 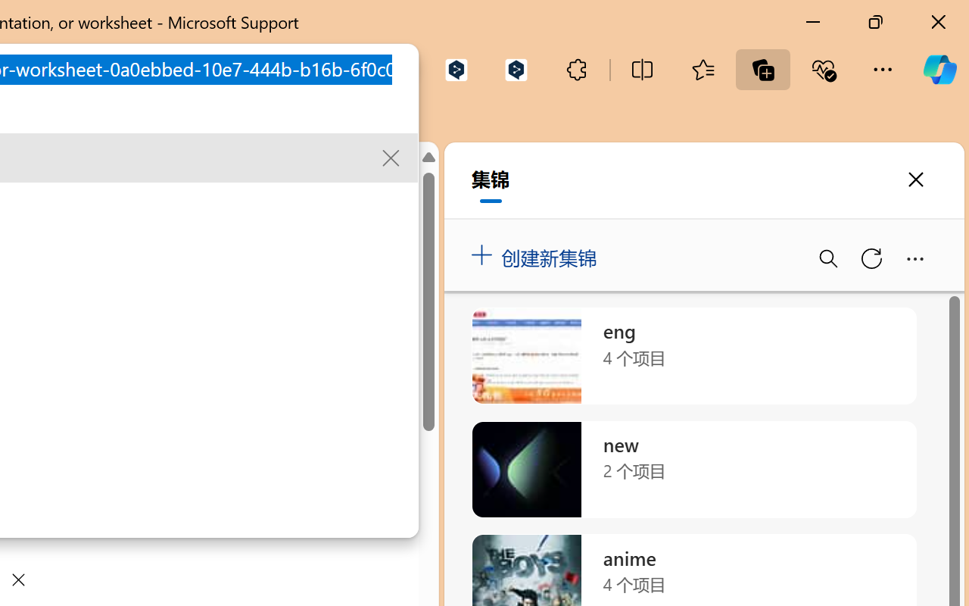 What do you see at coordinates (939, 69) in the screenshot?
I see `'Copilot (Ctrl+Shift+.)'` at bounding box center [939, 69].